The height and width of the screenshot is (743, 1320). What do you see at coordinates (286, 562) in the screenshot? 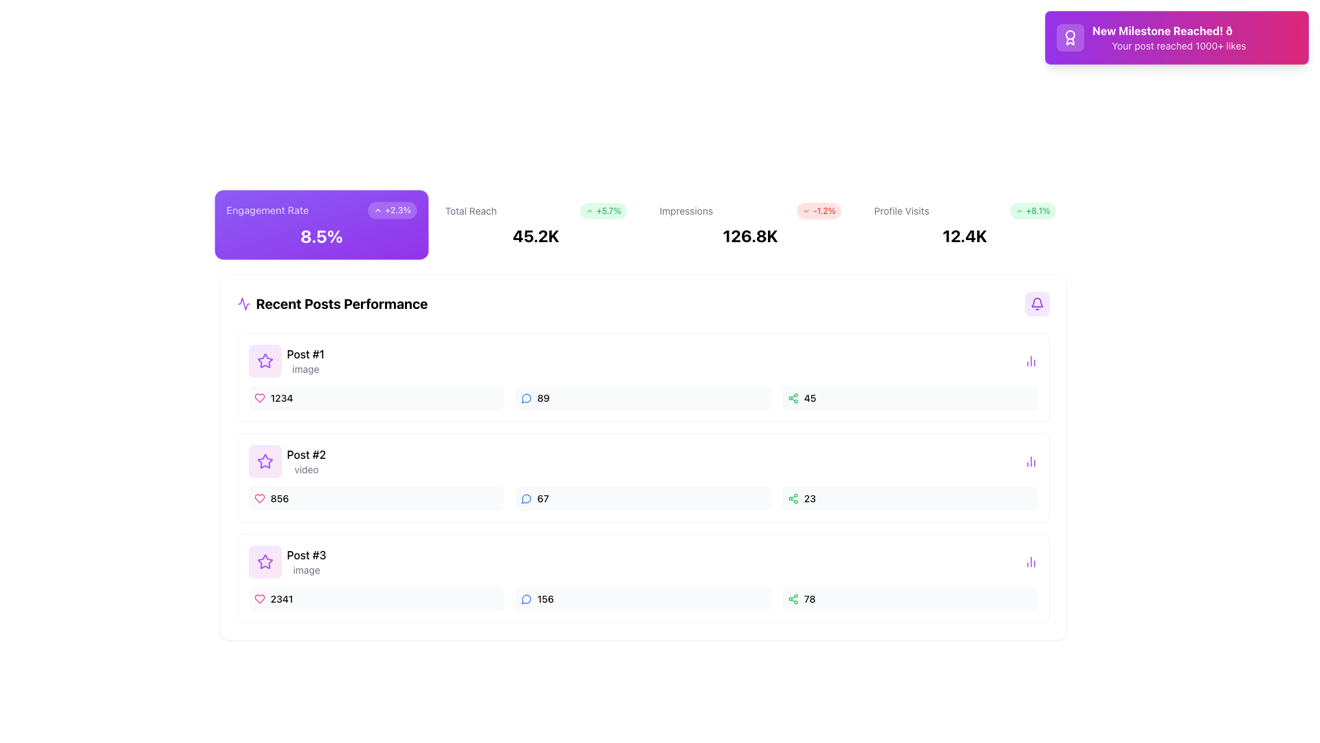
I see `the List item featuring a purple-outlined star icon and the text 'Post #3'` at bounding box center [286, 562].